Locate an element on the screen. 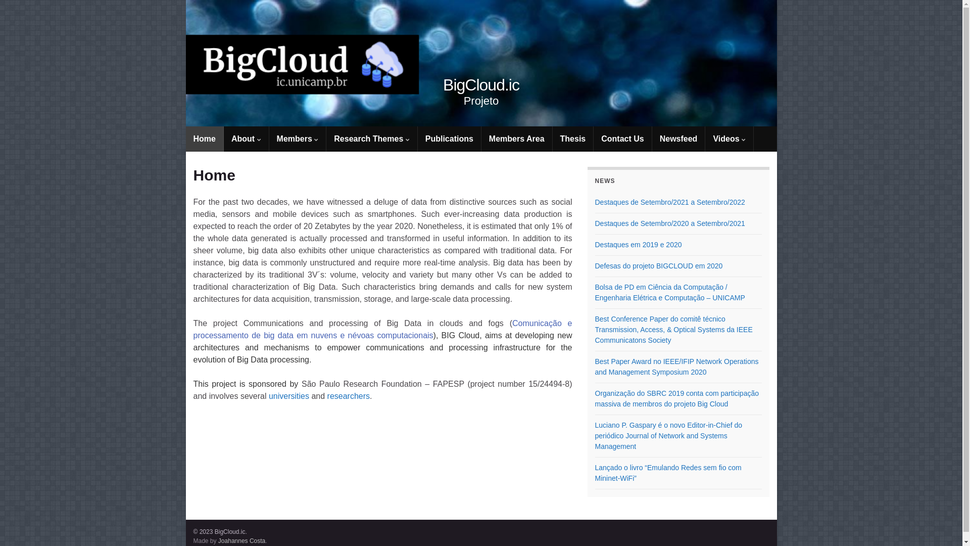 The height and width of the screenshot is (546, 970). 'Publications' is located at coordinates (417, 139).